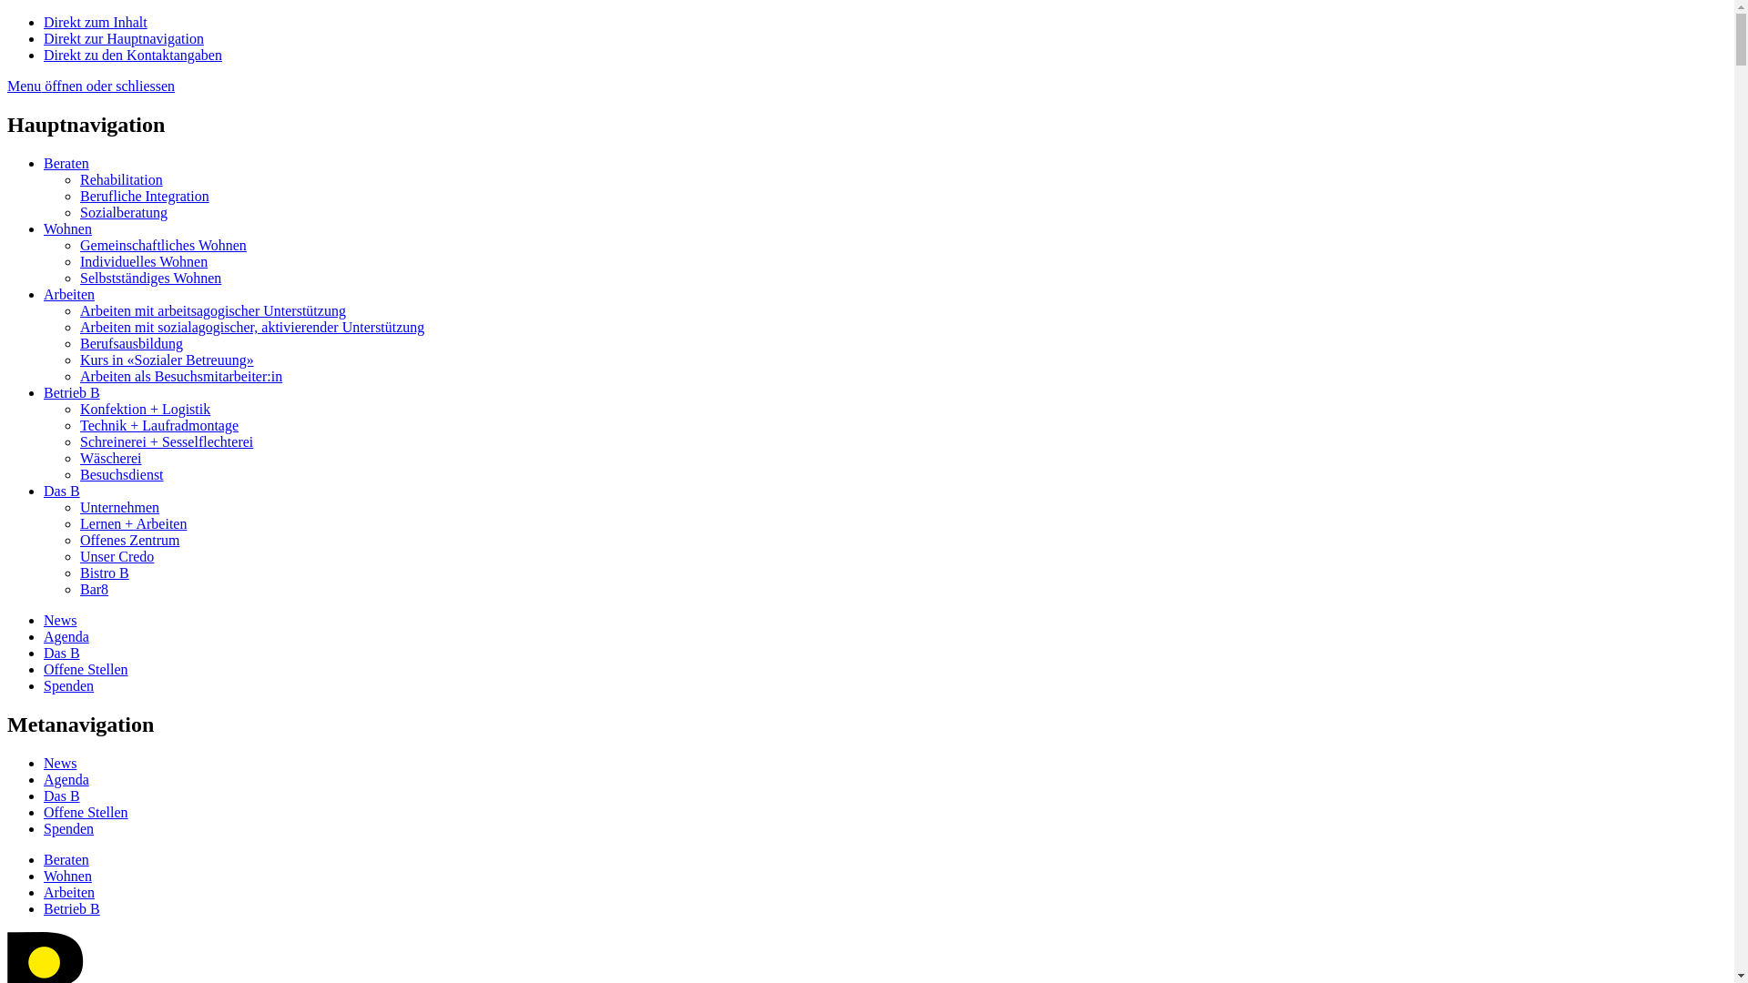  What do you see at coordinates (104, 572) in the screenshot?
I see `'Bistro B'` at bounding box center [104, 572].